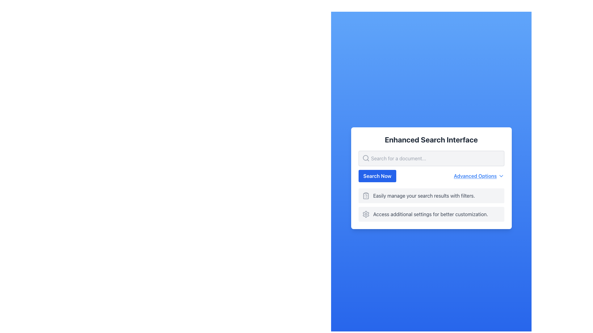 The width and height of the screenshot is (593, 333). What do you see at coordinates (478, 176) in the screenshot?
I see `the 'Advanced Options' link with dropdown icon` at bounding box center [478, 176].